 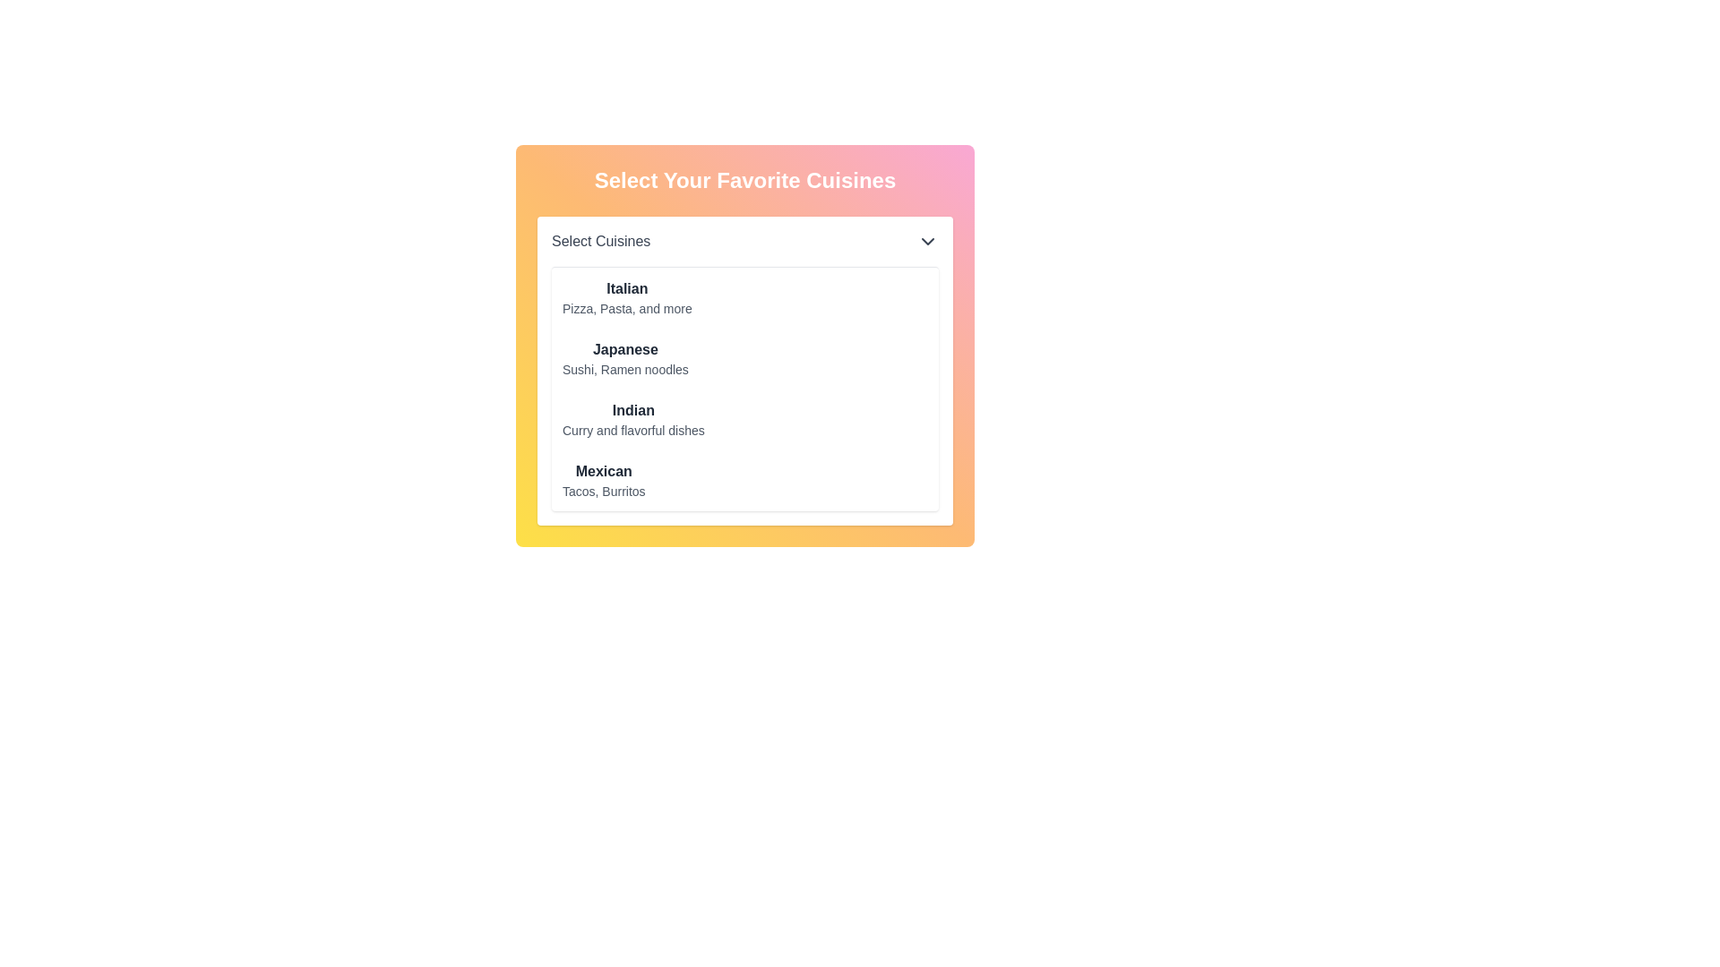 I want to click on the text element reading 'Sushi, Ramen noodles' located below the bolded 'Japanese' text in the dropdown menu area, so click(x=625, y=368).